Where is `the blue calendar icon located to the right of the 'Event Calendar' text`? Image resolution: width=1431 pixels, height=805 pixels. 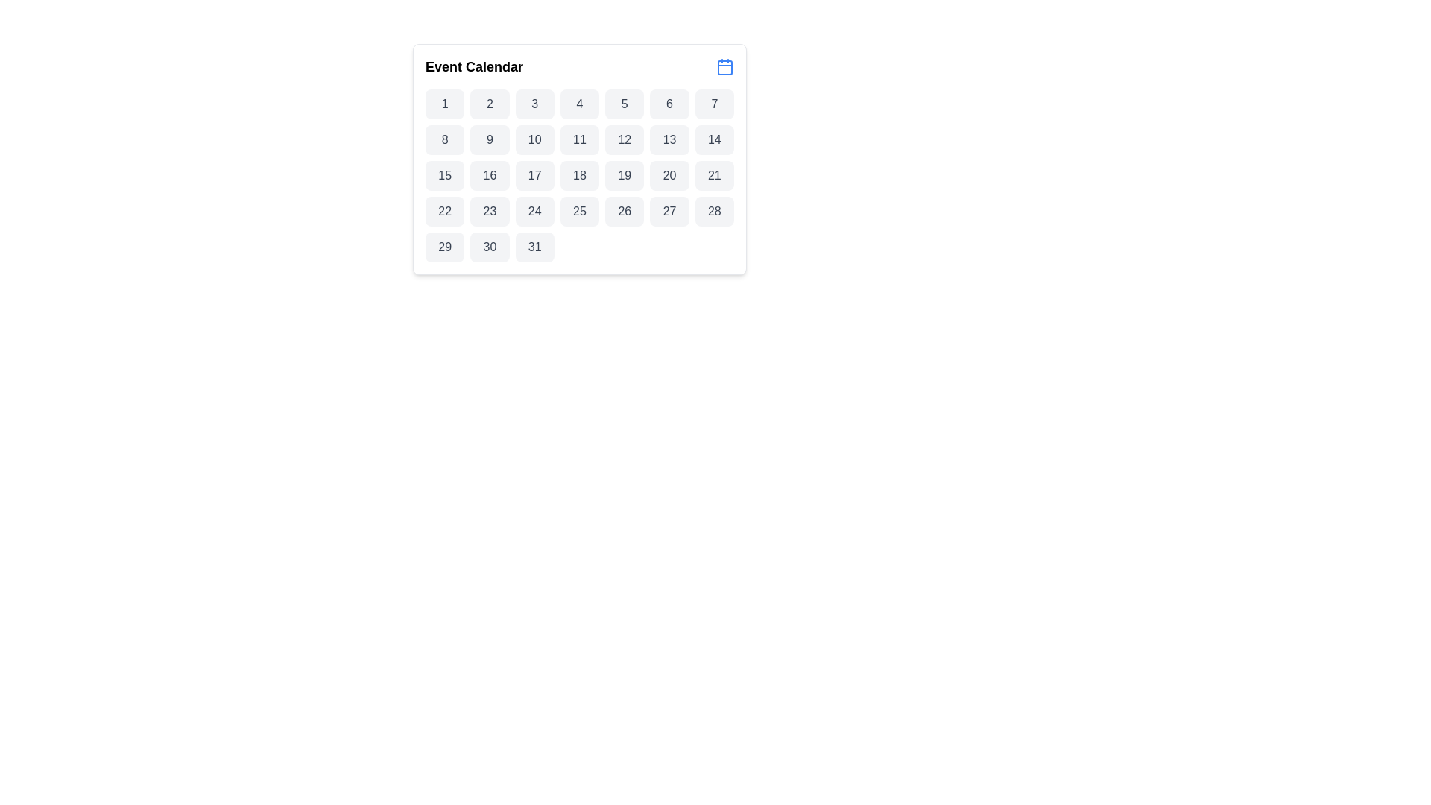 the blue calendar icon located to the right of the 'Event Calendar' text is located at coordinates (725, 66).